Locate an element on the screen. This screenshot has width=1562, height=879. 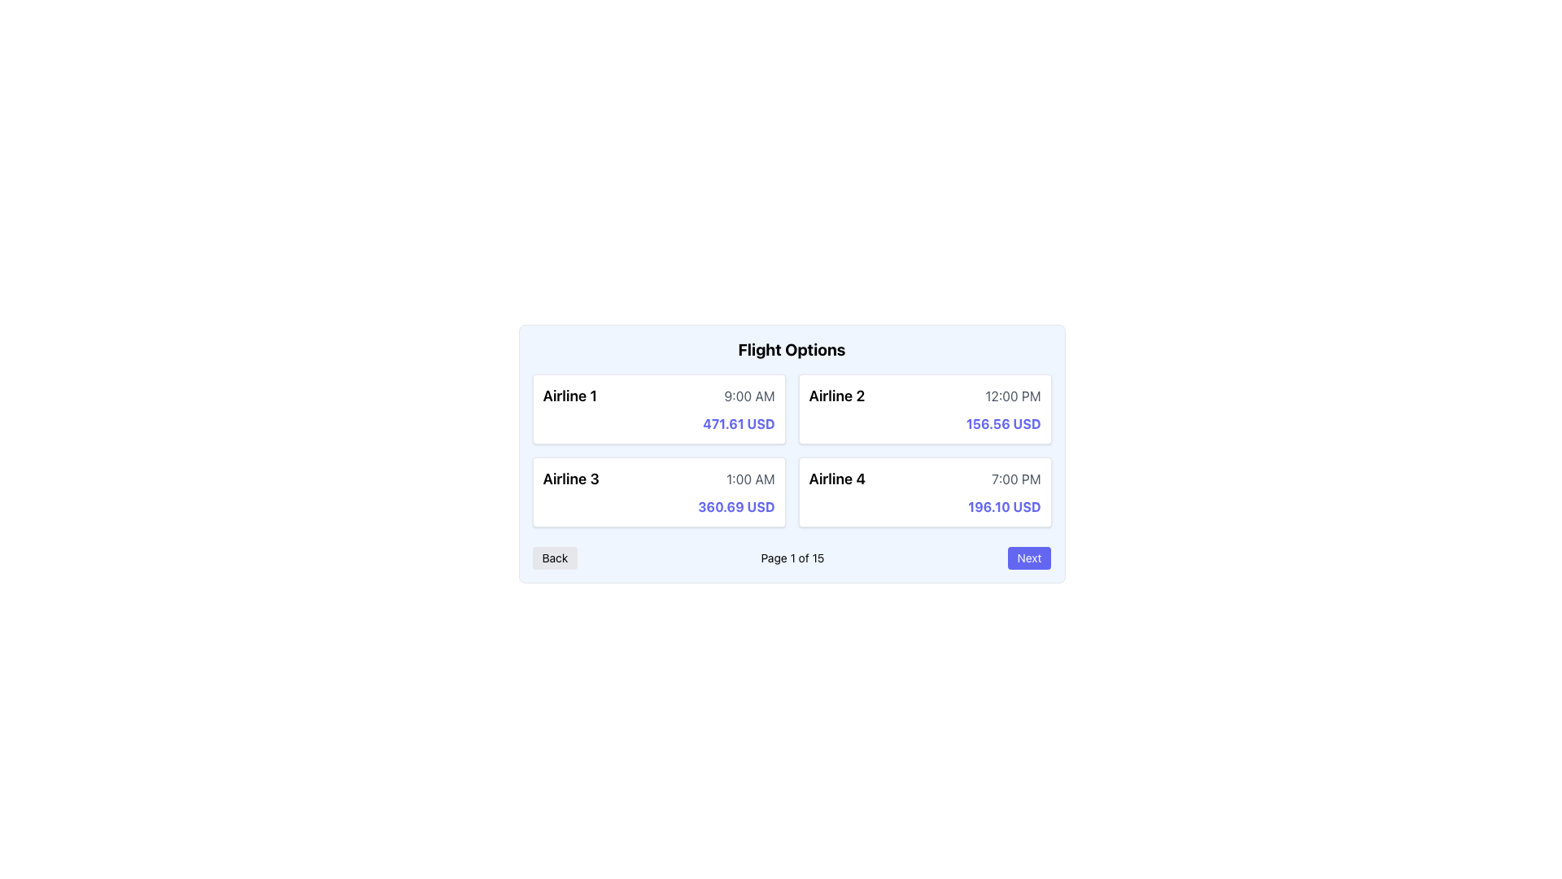
the small rectangular 'Back' button with a light gray background and rounded corners to change its background color is located at coordinates (555, 558).